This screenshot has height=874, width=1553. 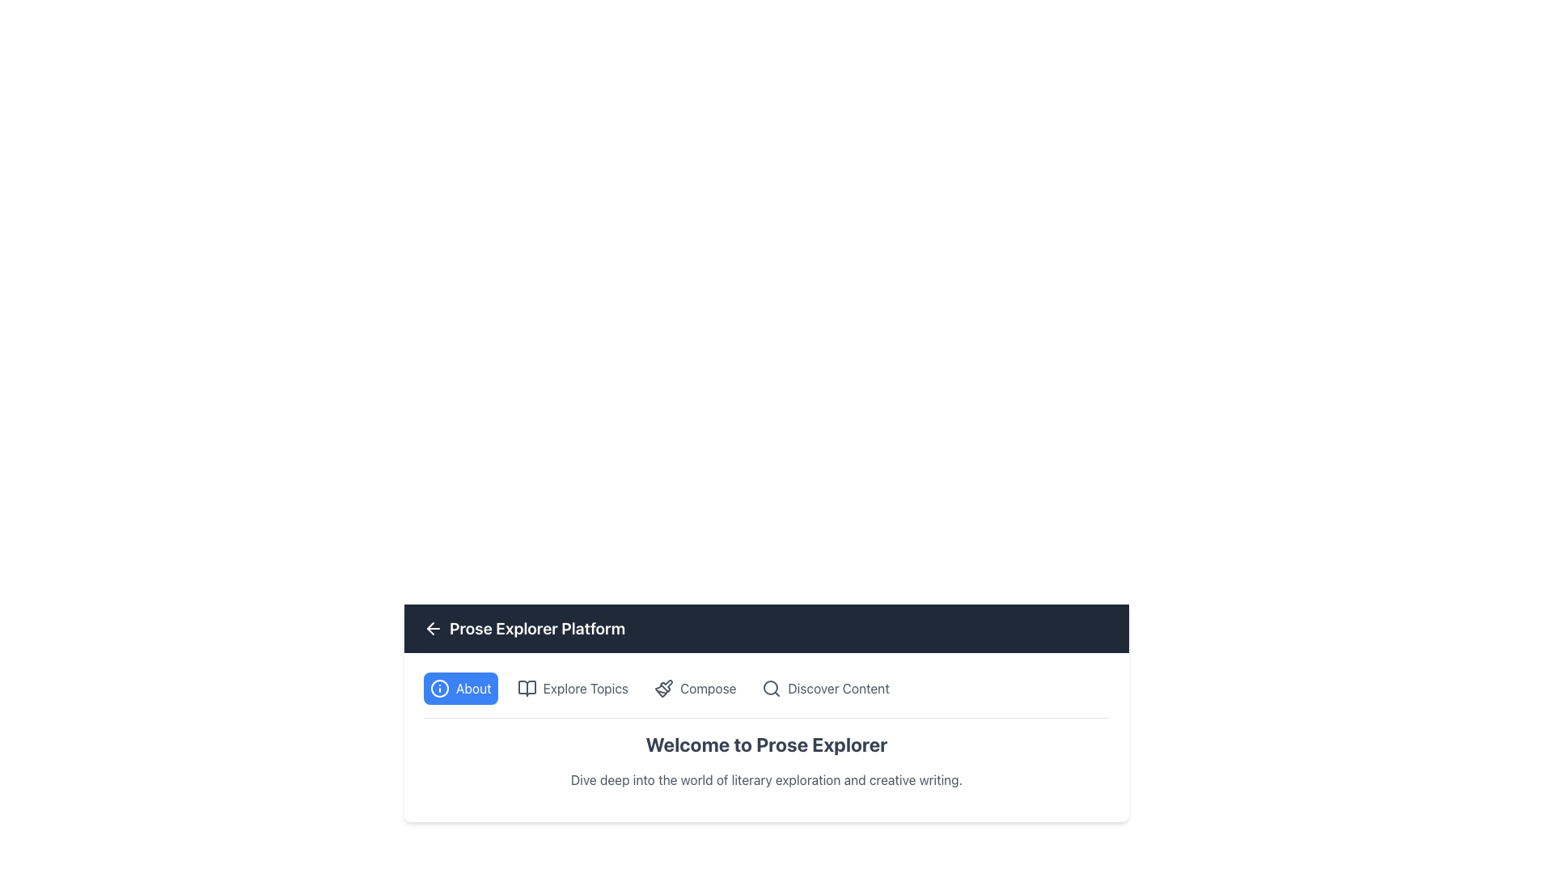 What do you see at coordinates (430, 627) in the screenshot?
I see `the left-pointing arrow icon located in the top-left corner of the header bar` at bounding box center [430, 627].